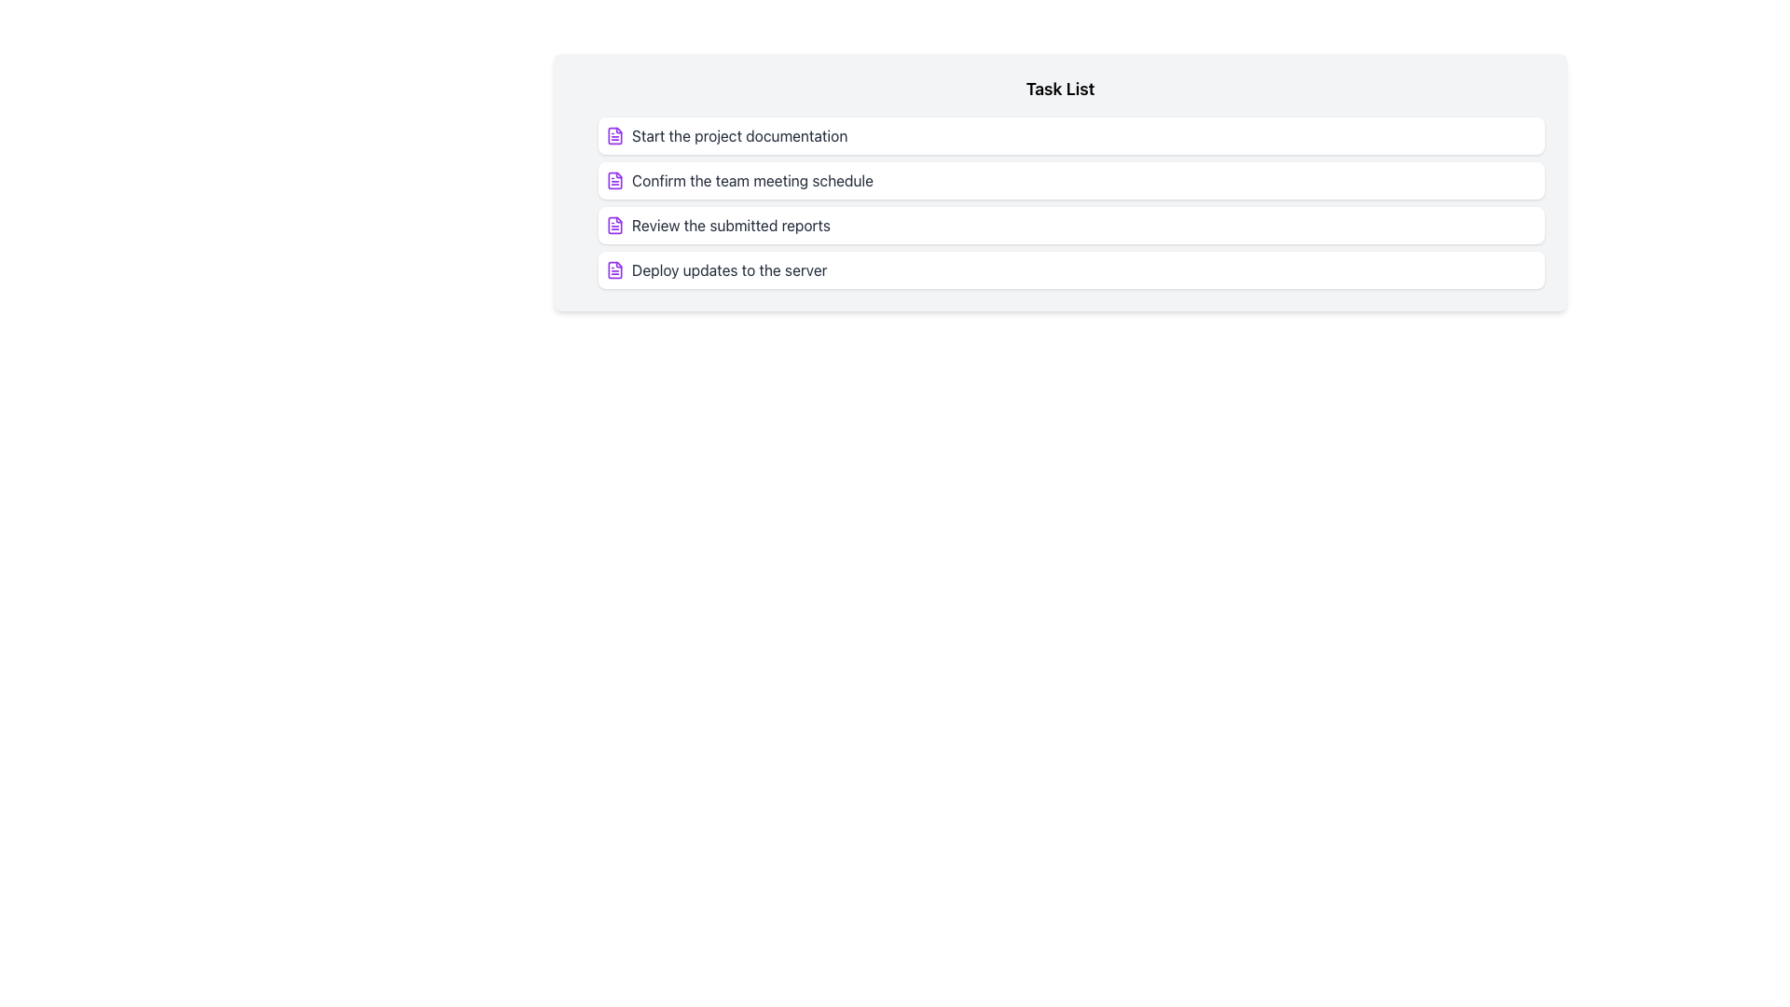 This screenshot has width=1790, height=1007. Describe the element at coordinates (615, 269) in the screenshot. I see `the purple file representation SVG icon located to the left of the 'Deploy updates to the server' label in the fourth task entry of the task list` at that location.